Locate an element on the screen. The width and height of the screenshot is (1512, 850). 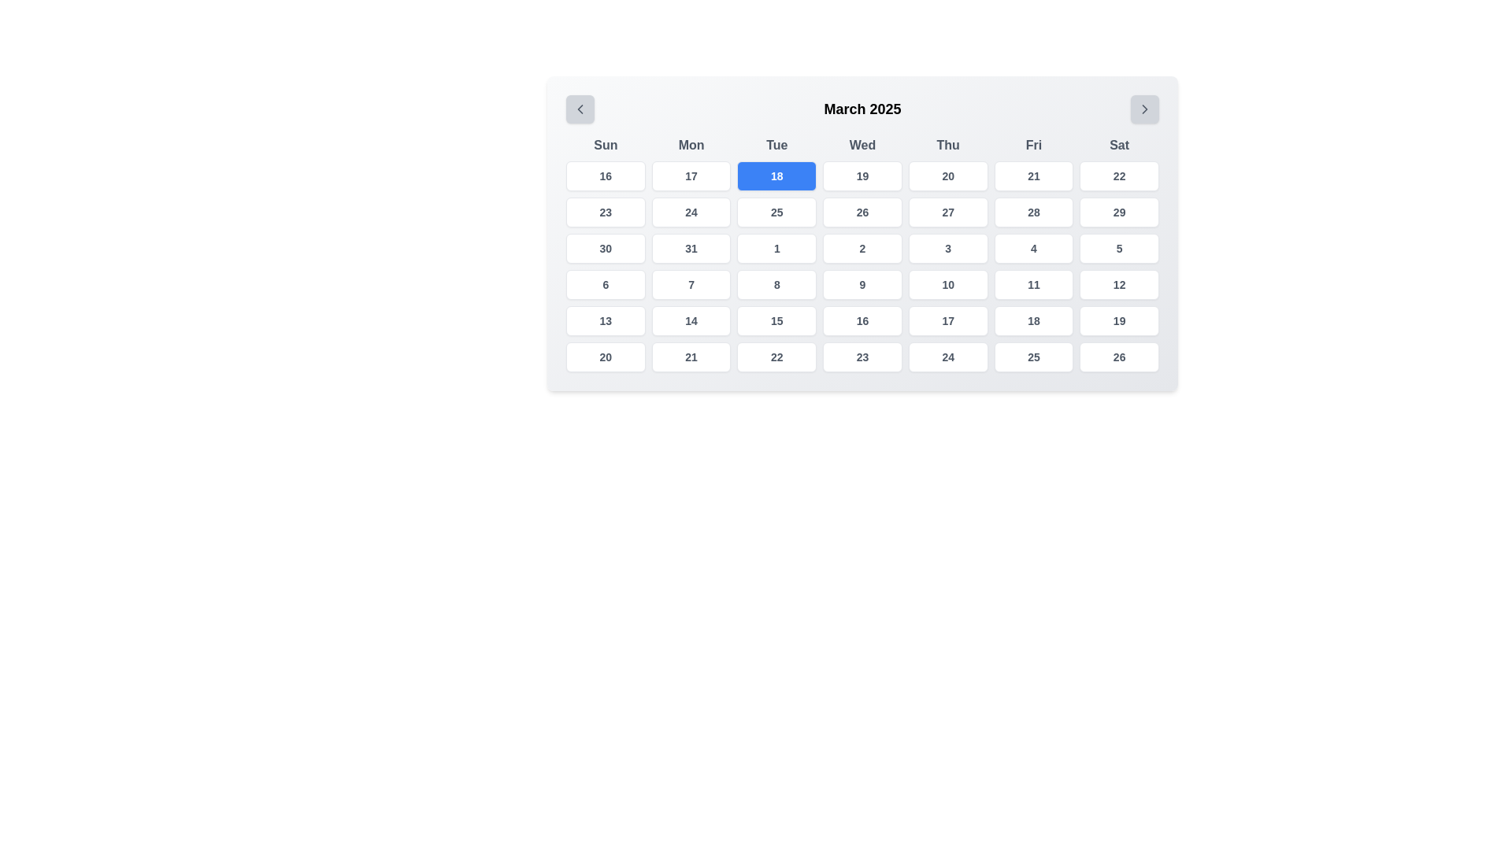
the button-like UI element representing a specific day in March 2025, located under 'Sun' in the calendar layout is located at coordinates (605, 176).